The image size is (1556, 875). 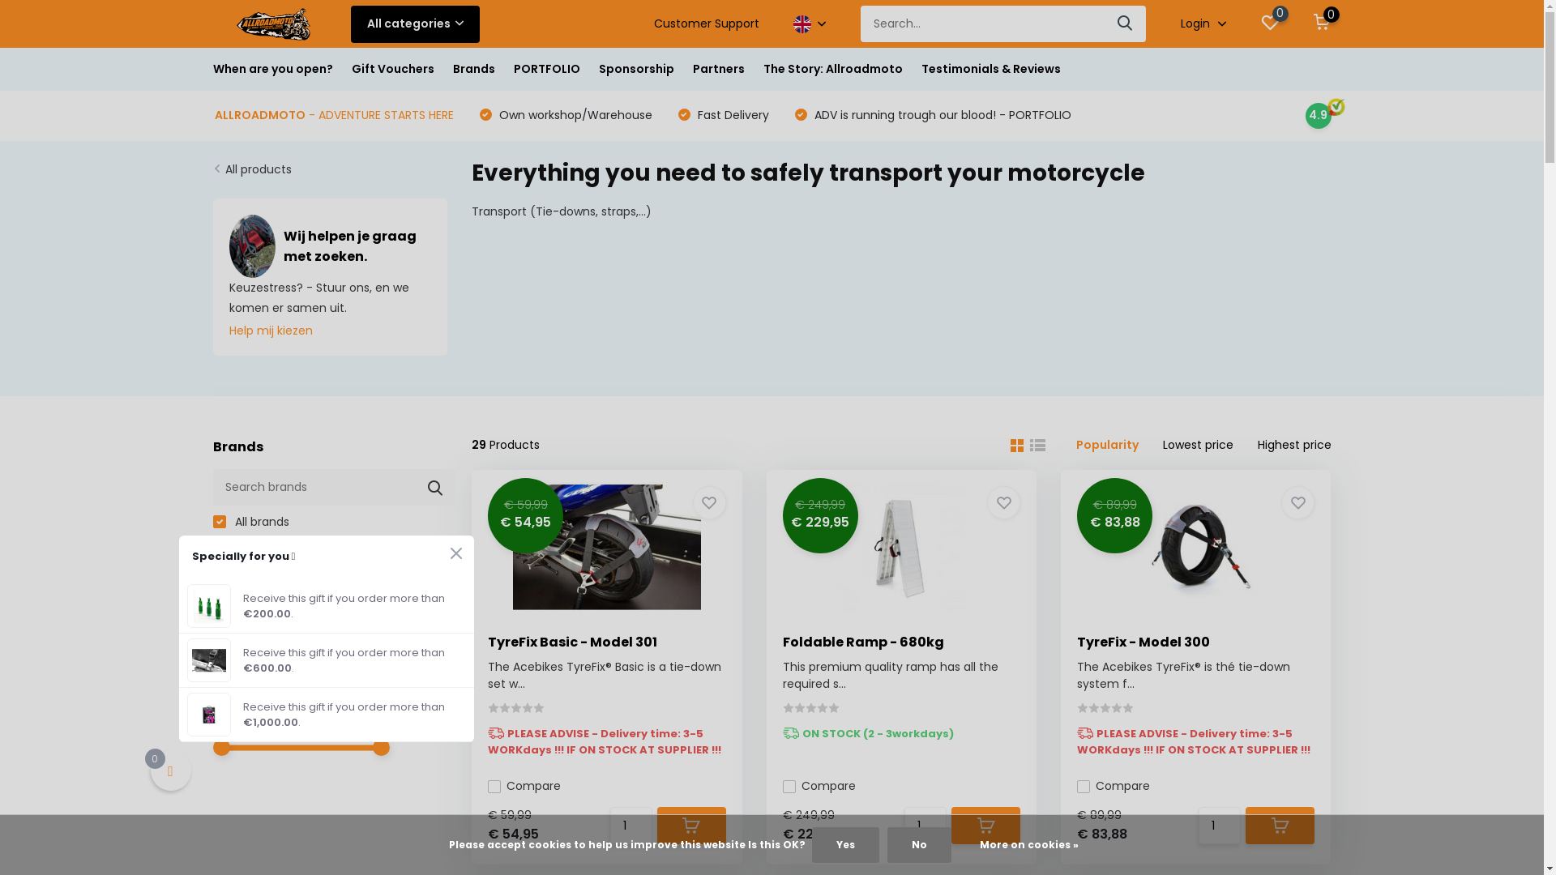 I want to click on 'Gift Vouchers', so click(x=392, y=68).